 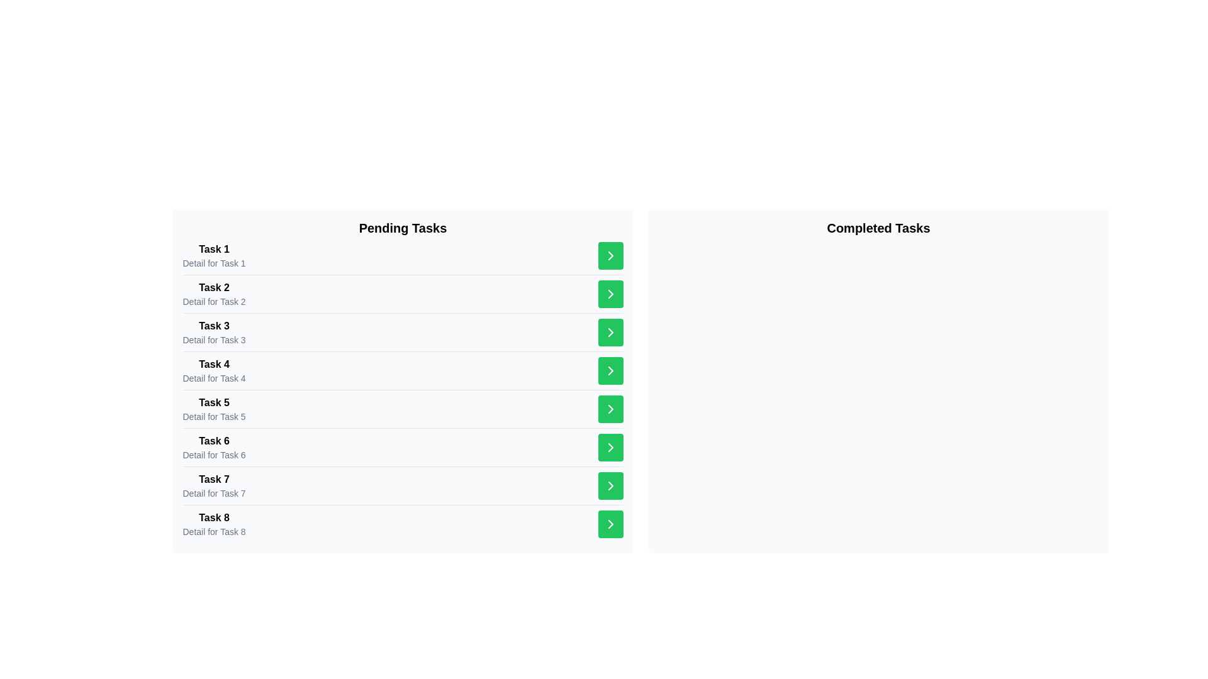 What do you see at coordinates (214, 364) in the screenshot?
I see `text label displaying 'Task 4' located in the fourth row of the 'Pending Tasks' section, positioned above its details text` at bounding box center [214, 364].